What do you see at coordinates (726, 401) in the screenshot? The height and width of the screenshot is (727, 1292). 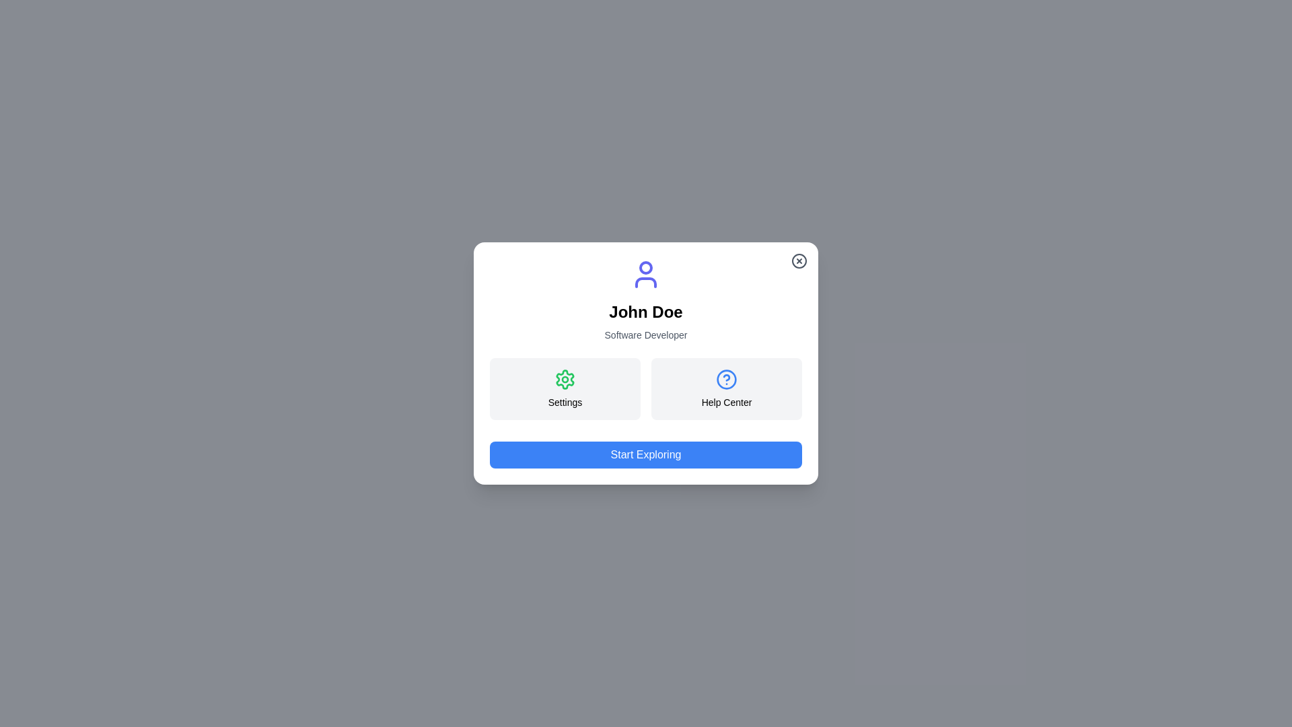 I see `the 'Help Center' text label located at the bottom-right corner of the card-like structure associated with a blue question mark icon` at bounding box center [726, 401].